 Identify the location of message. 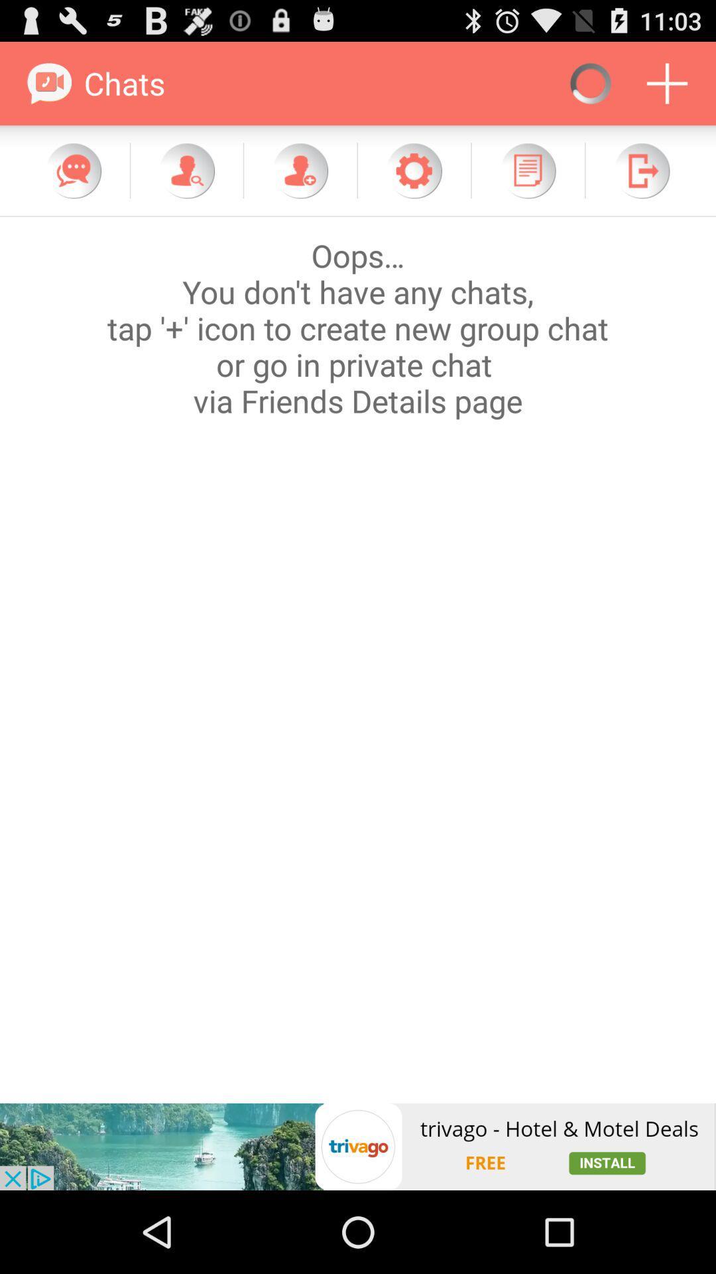
(74, 170).